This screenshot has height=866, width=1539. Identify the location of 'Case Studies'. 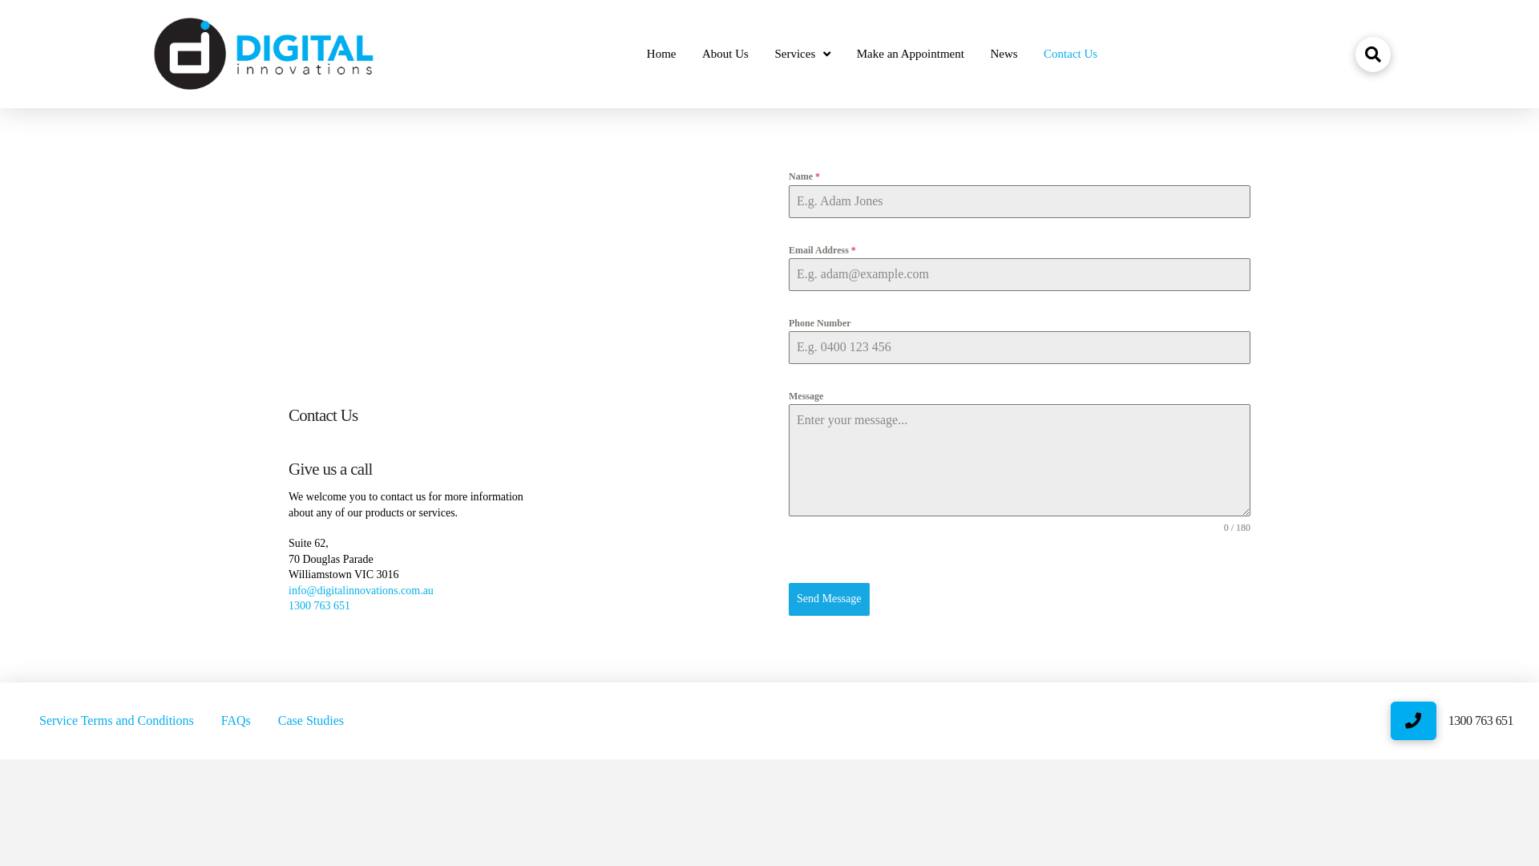
(265, 719).